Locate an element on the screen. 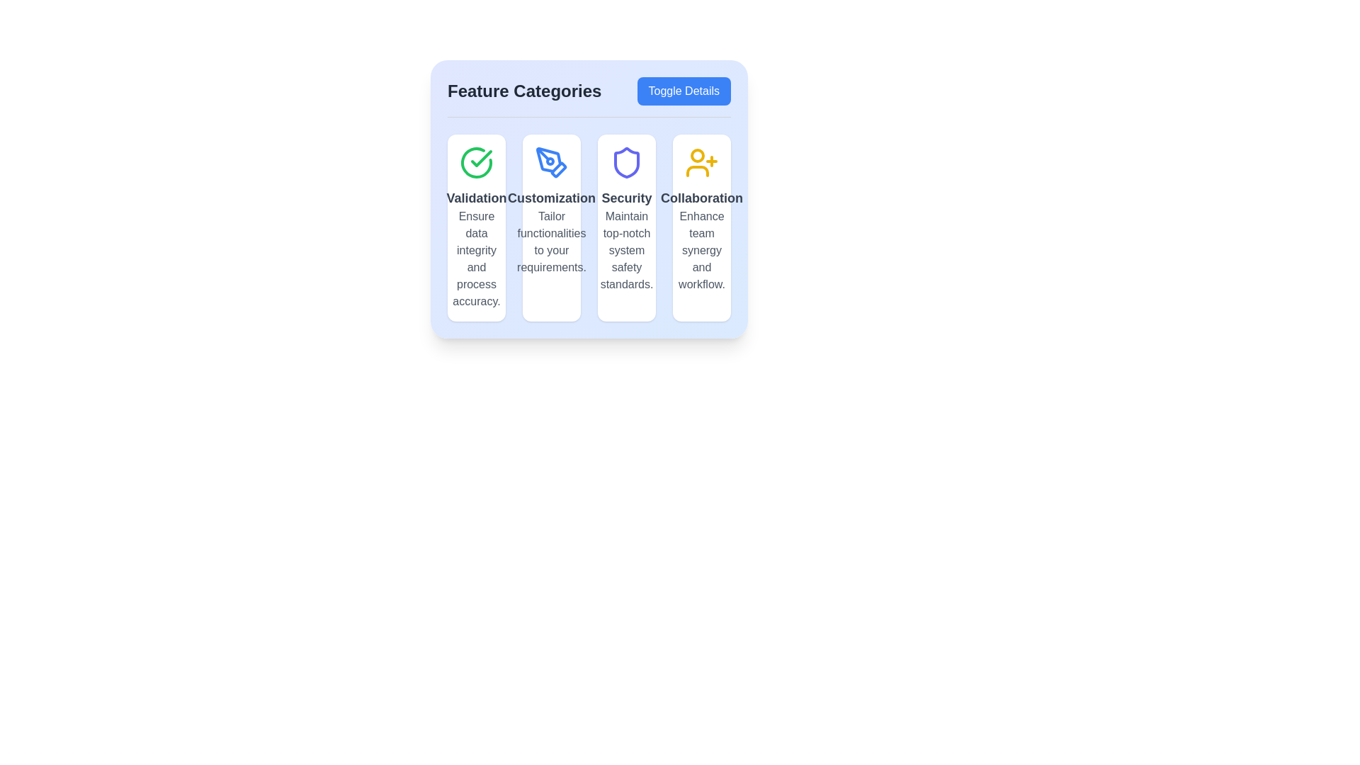 This screenshot has width=1360, height=765. the shield icon element is located at coordinates (625, 162).